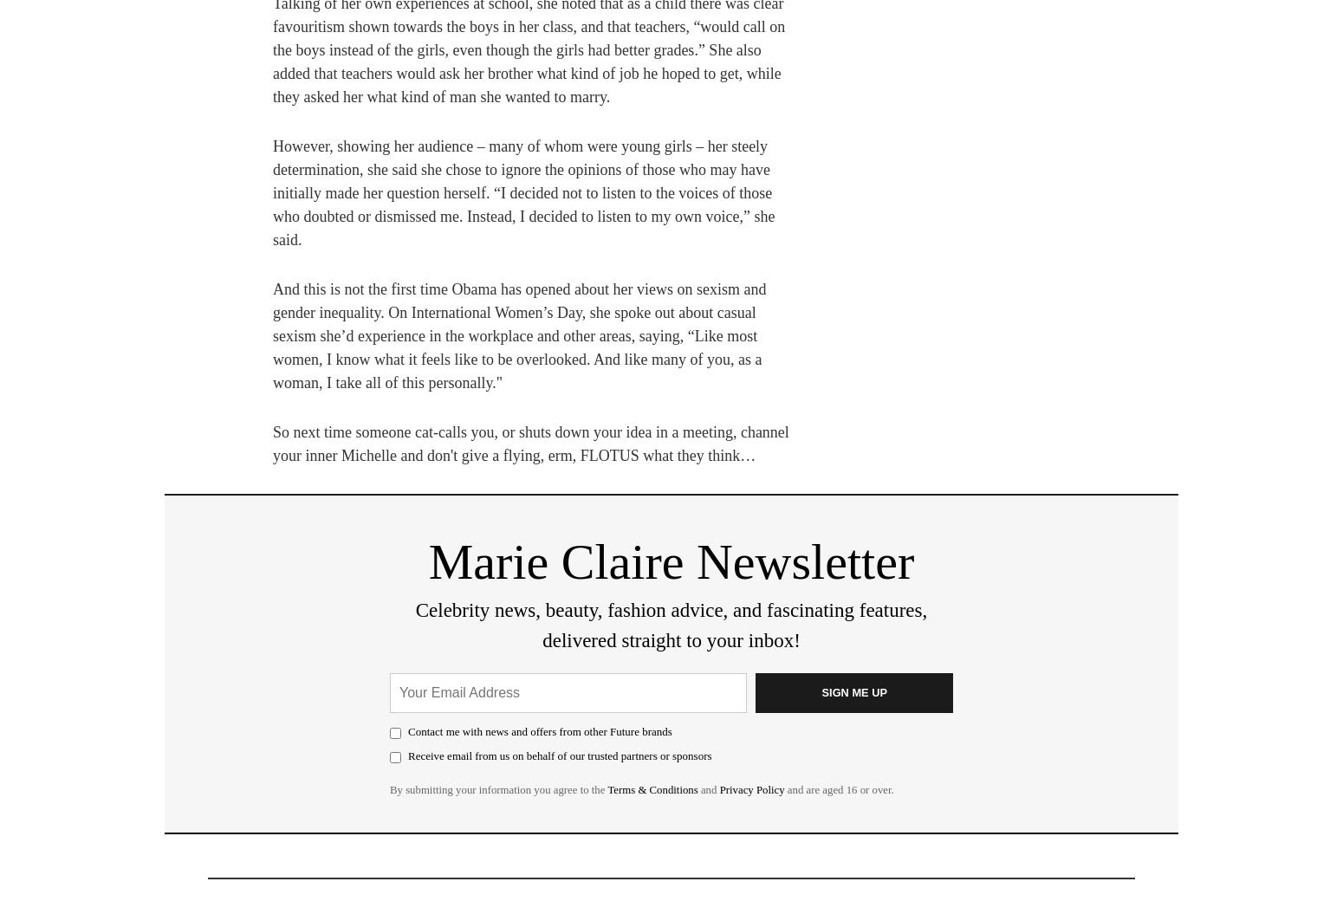 The image size is (1343, 914). What do you see at coordinates (519, 336) in the screenshot?
I see `'And this is not the first time Obama has opened about her views on sexism and gender inequality. On International Women’s Day, she spoke out about casual sexism she’d experience in the workplace and other areas, saying, “Like most women, I know what it feels like to be overlooked. And like many of you, as a woman, I take all of this personally."'` at bounding box center [519, 336].